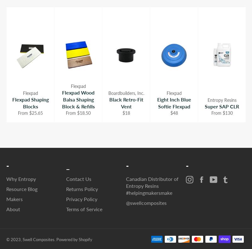 This screenshot has width=252, height=249. I want to click on '$48', so click(174, 113).